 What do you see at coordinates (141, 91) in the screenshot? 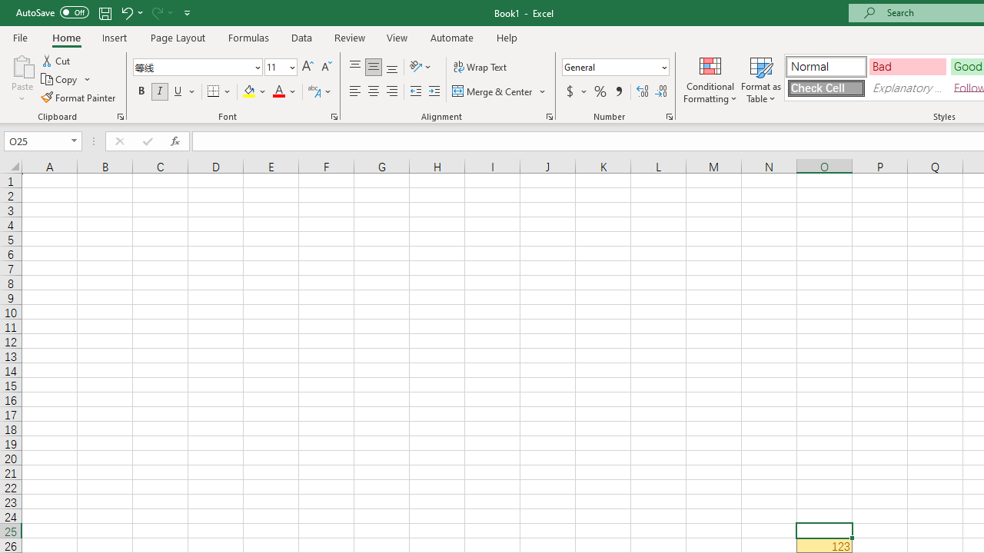
I see `'Bold'` at bounding box center [141, 91].